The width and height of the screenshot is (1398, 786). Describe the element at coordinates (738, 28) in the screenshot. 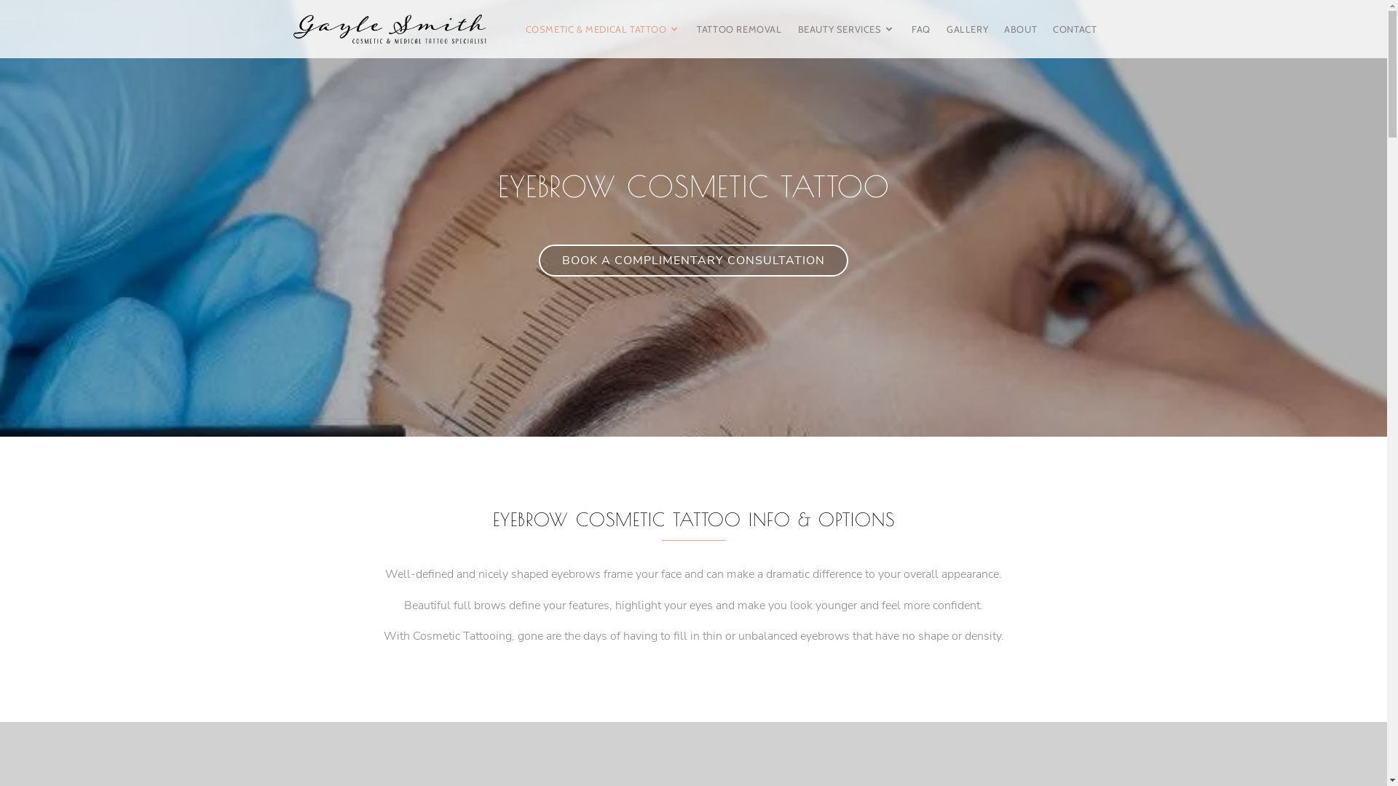

I see `'TATTOO REMOVAL'` at that location.